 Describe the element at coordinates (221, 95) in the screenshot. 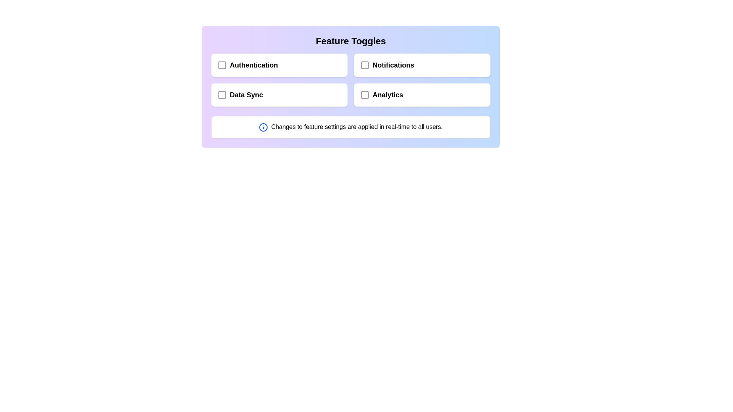

I see `the Checkbox icon for the 'Data Sync' feature, which is located in the second row of the feature toggle list, directly to the left of the 'Data Sync' label` at that location.